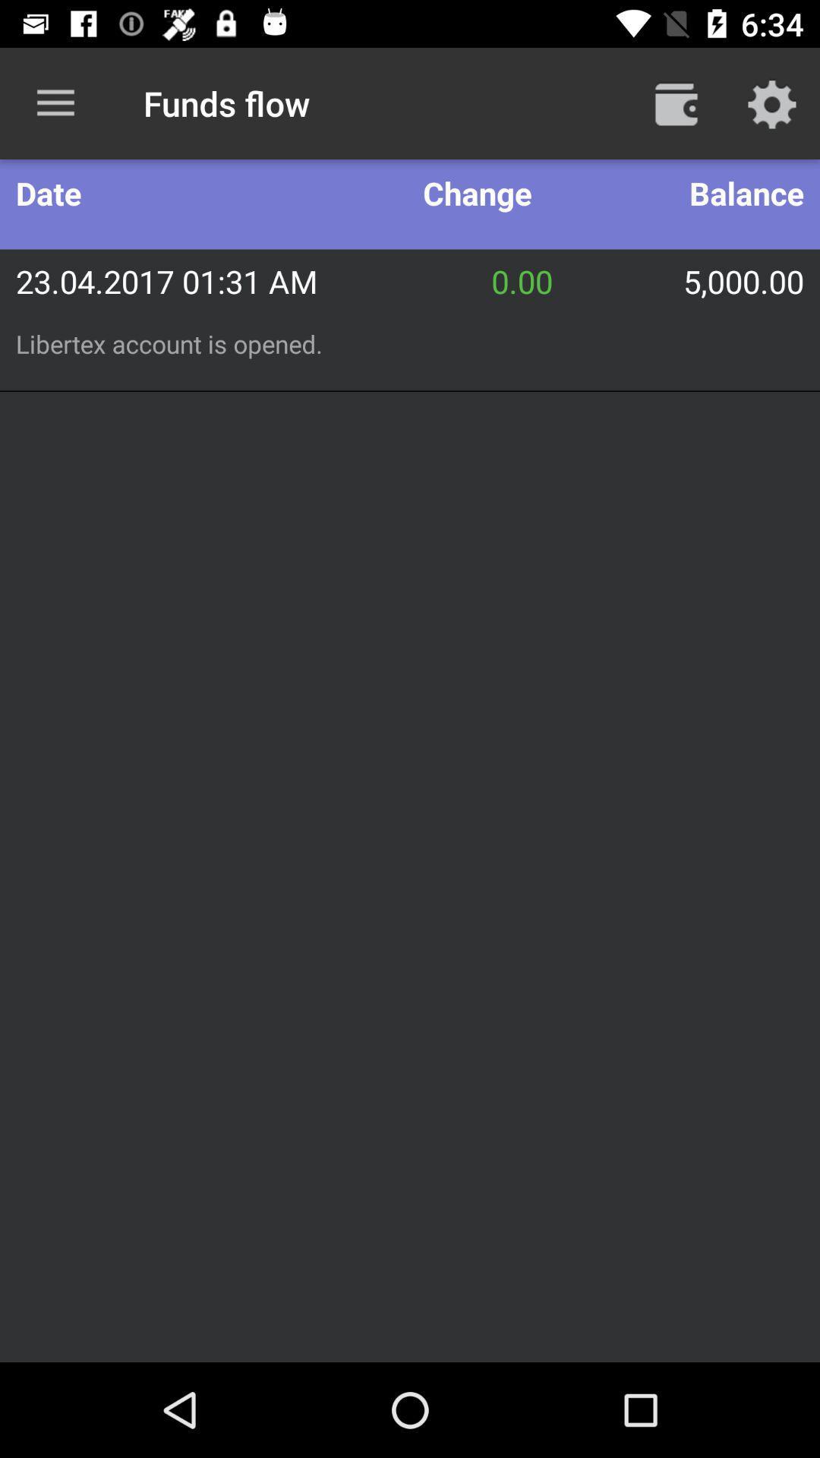 The width and height of the screenshot is (820, 1458). I want to click on icon above the balance icon, so click(676, 103).